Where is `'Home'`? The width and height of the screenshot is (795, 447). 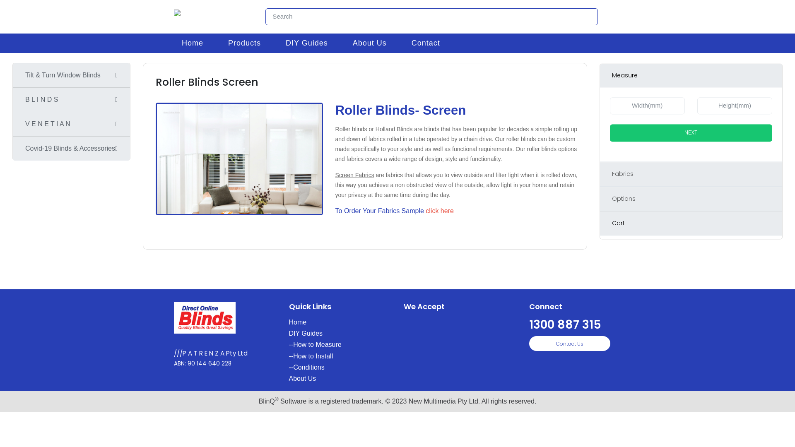
'Home' is located at coordinates (298, 322).